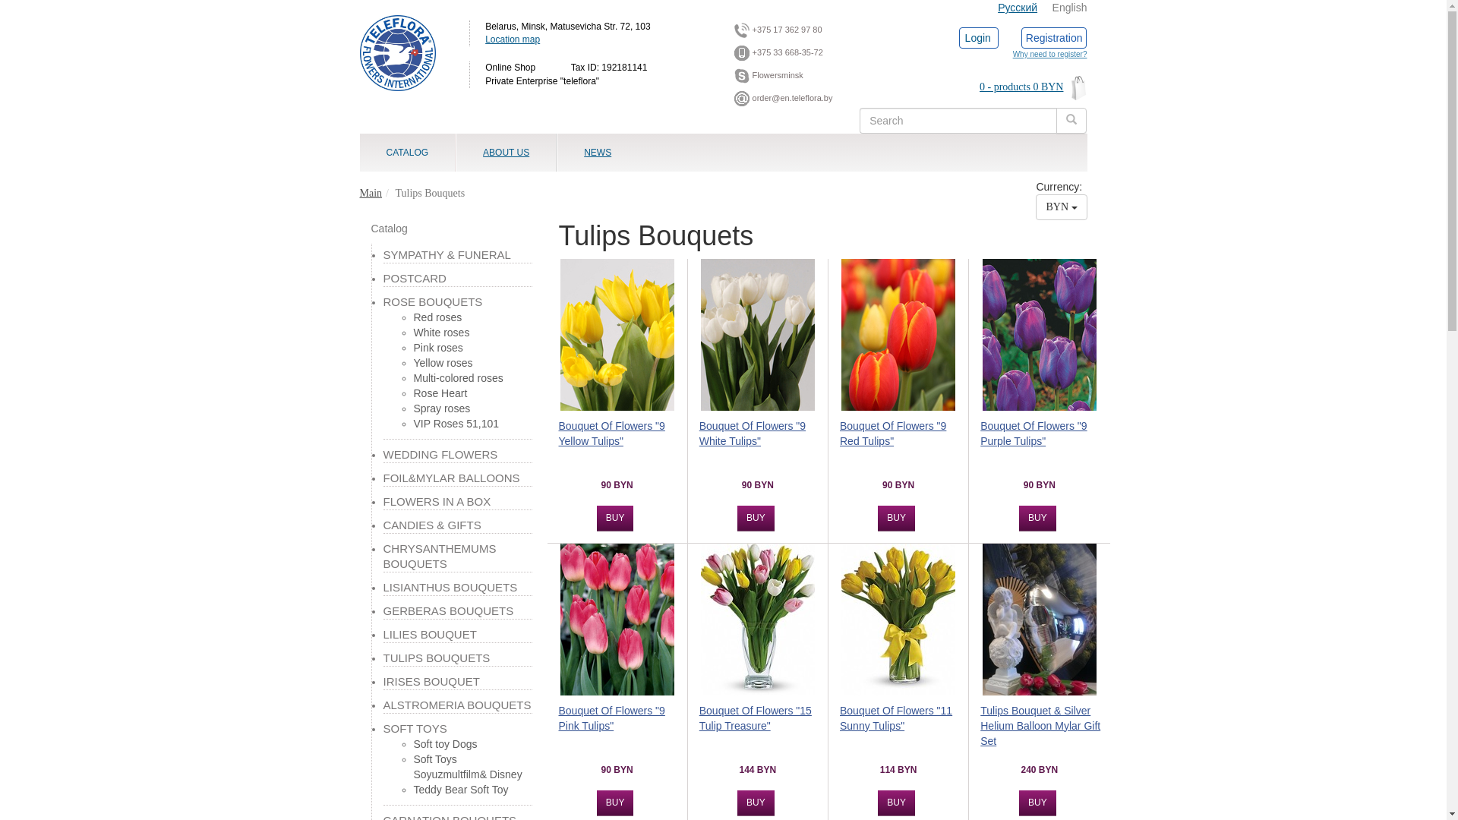  What do you see at coordinates (513, 38) in the screenshot?
I see `'Location map'` at bounding box center [513, 38].